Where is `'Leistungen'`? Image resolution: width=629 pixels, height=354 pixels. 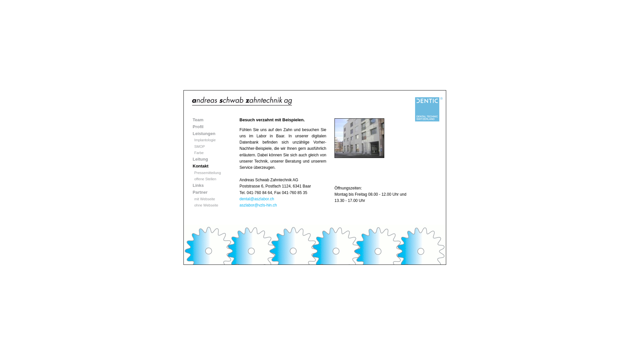
'Leistungen' is located at coordinates (203, 133).